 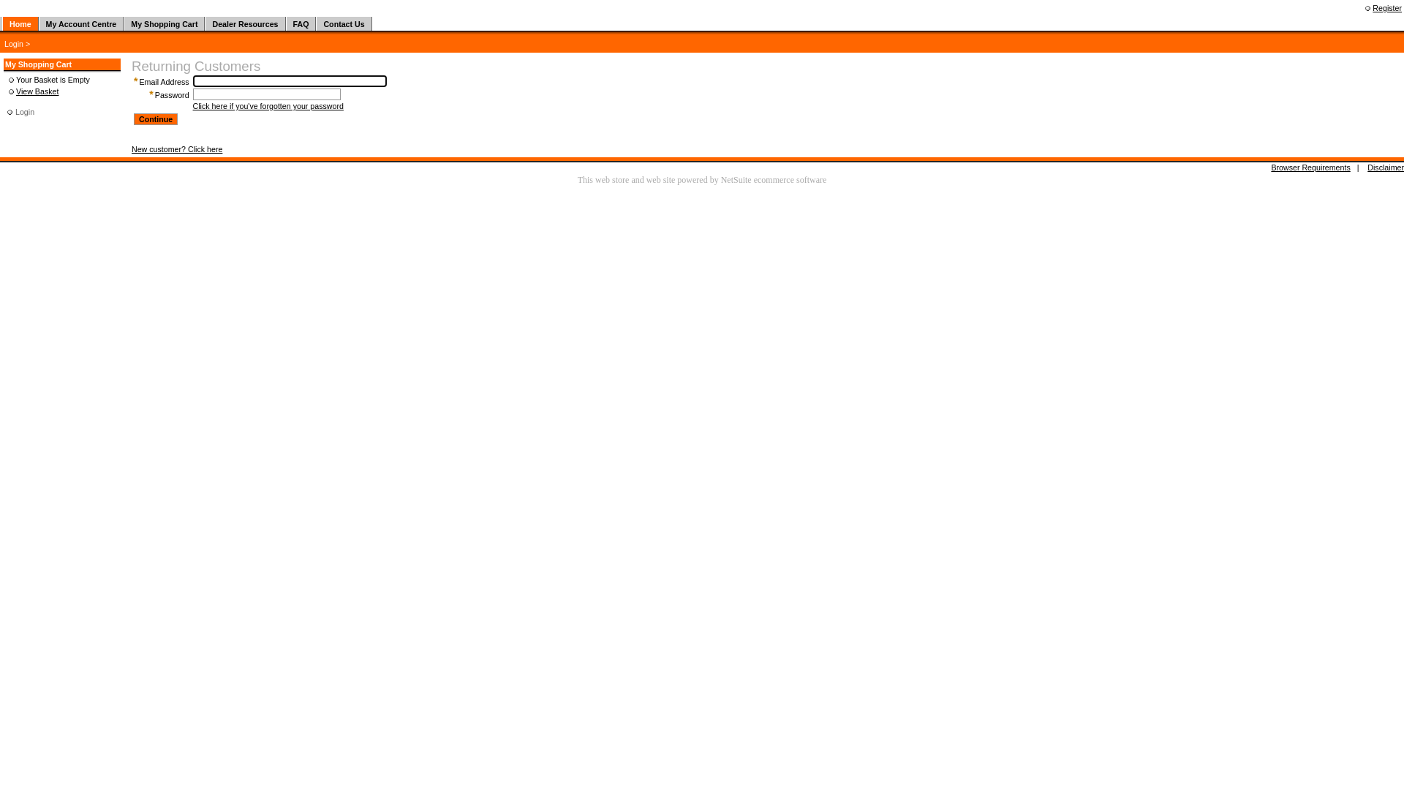 I want to click on 'Browser Requirements', so click(x=1310, y=166).